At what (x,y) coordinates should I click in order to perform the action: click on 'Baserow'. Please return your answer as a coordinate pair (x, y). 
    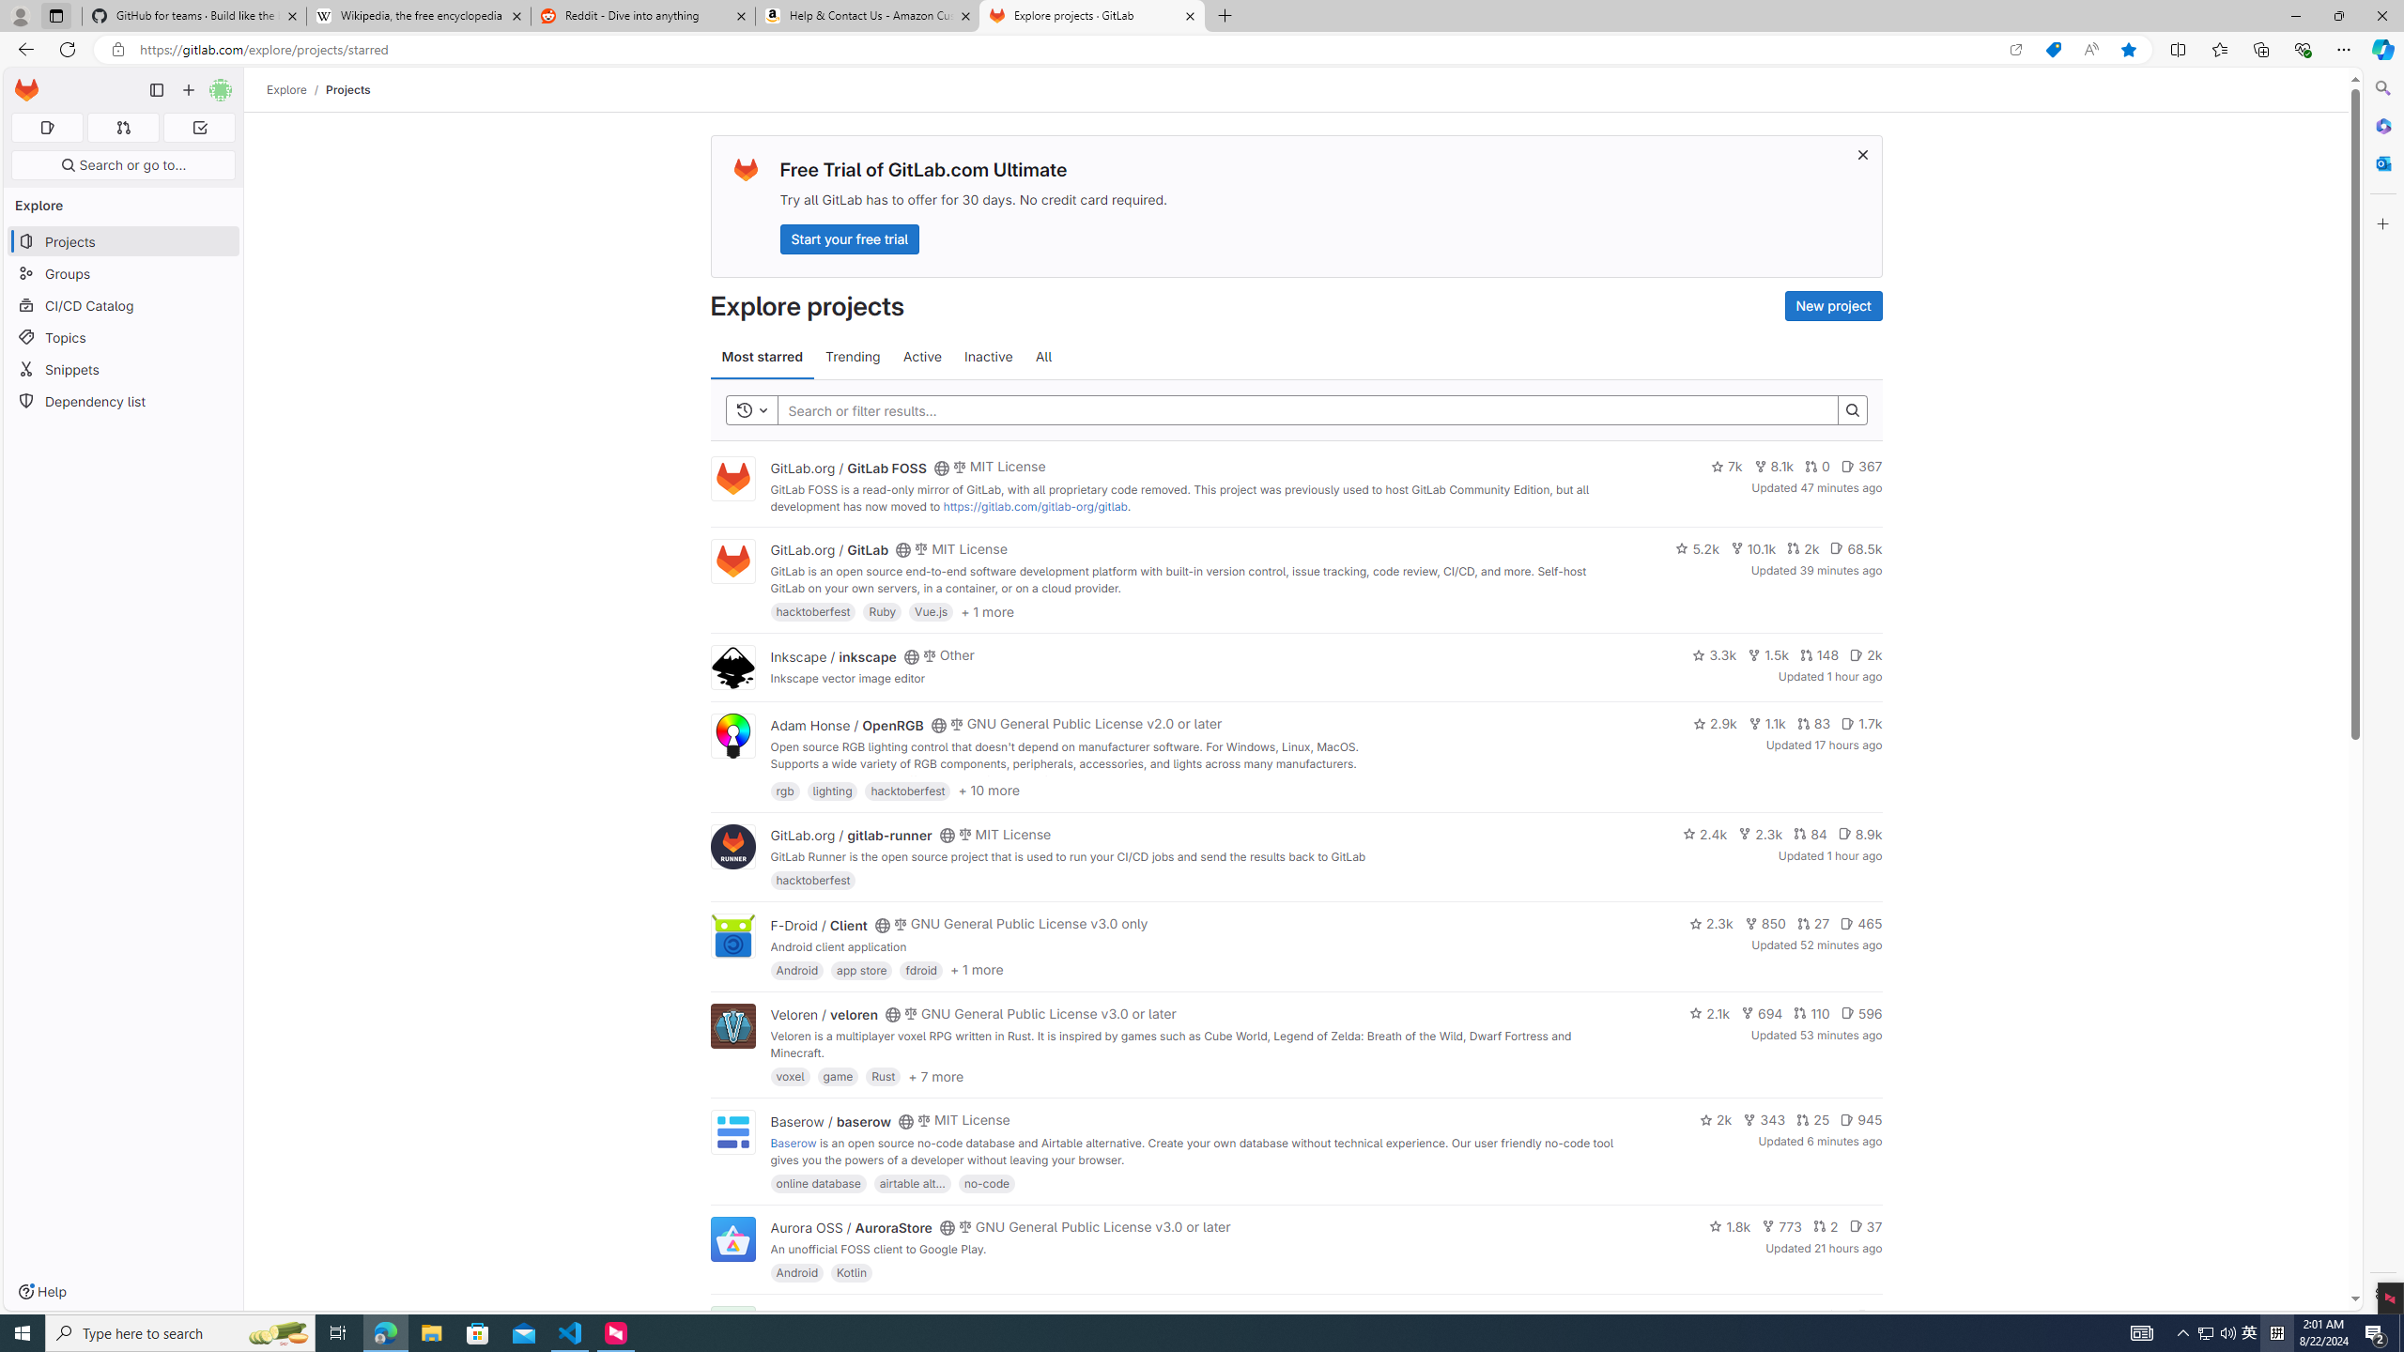
    Looking at the image, I should click on (792, 1143).